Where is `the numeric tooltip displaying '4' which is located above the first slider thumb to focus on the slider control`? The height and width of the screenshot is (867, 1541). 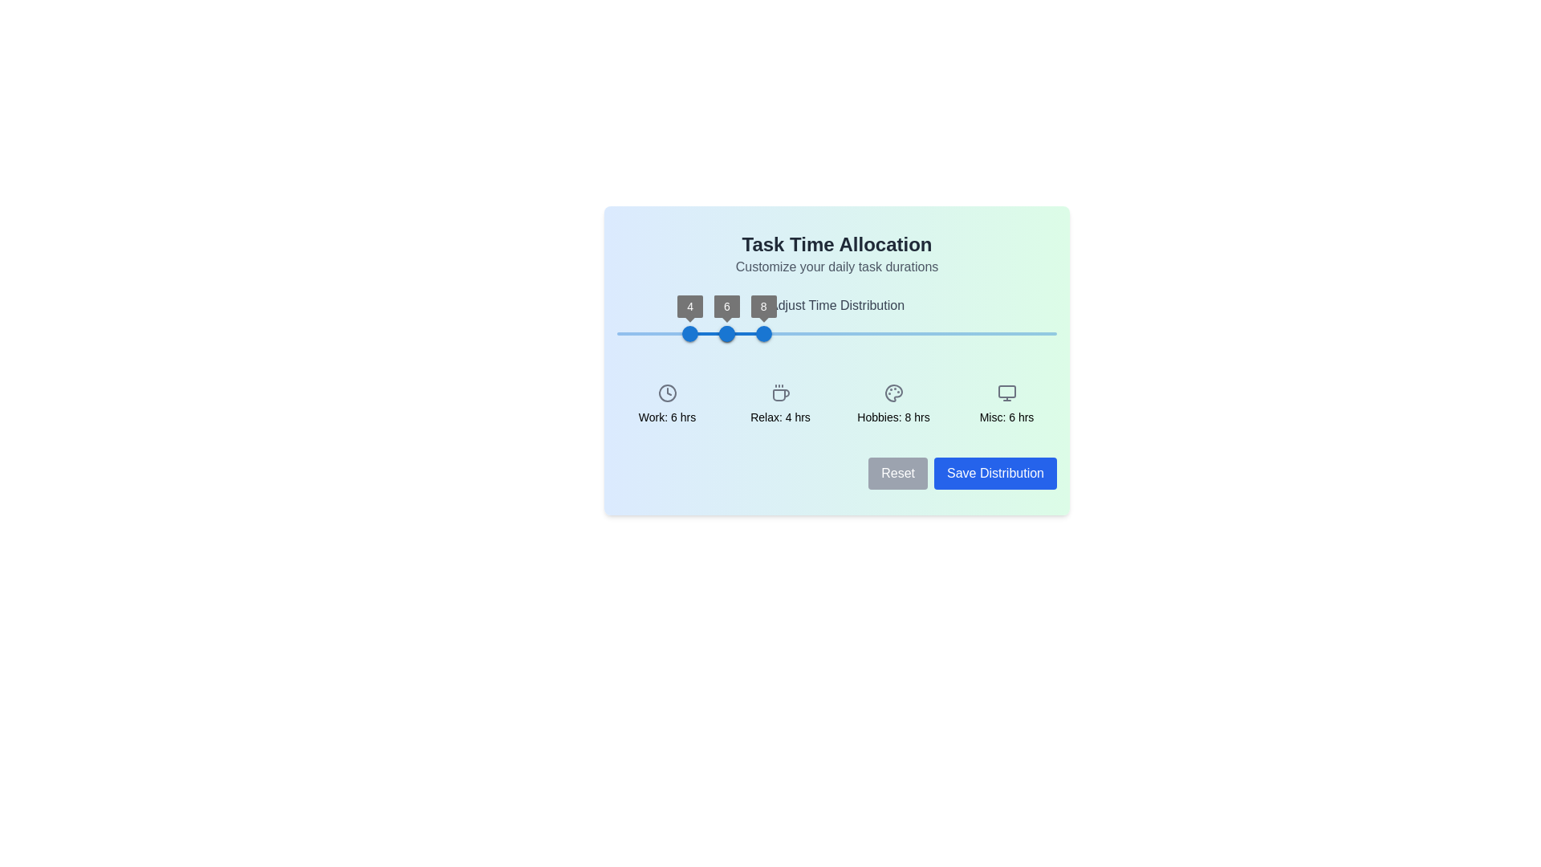
the numeric tooltip displaying '4' which is located above the first slider thumb to focus on the slider control is located at coordinates (690, 306).